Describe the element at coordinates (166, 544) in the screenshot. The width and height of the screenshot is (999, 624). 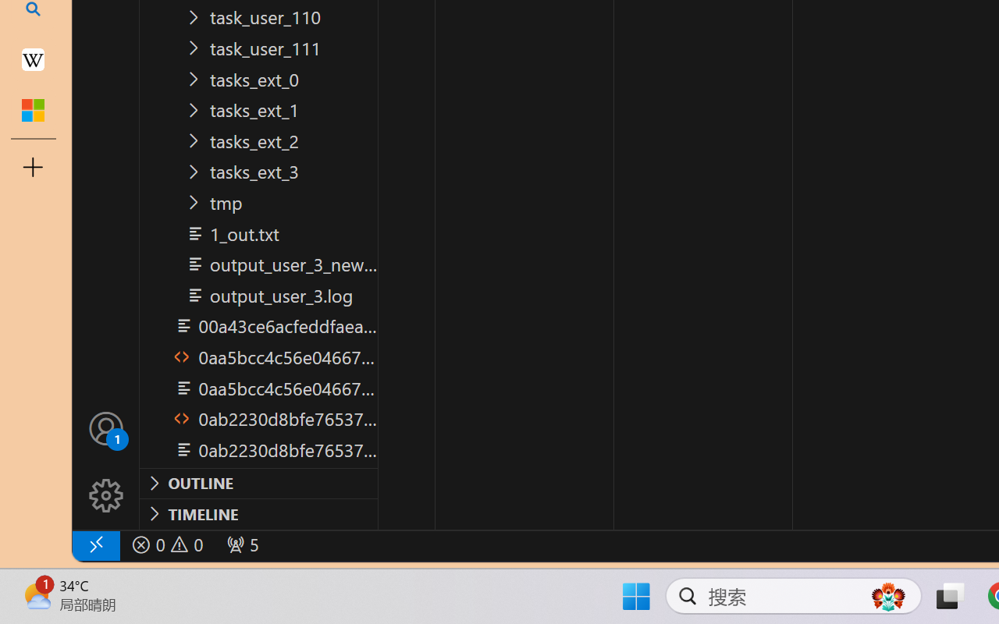
I see `'No Problems'` at that location.